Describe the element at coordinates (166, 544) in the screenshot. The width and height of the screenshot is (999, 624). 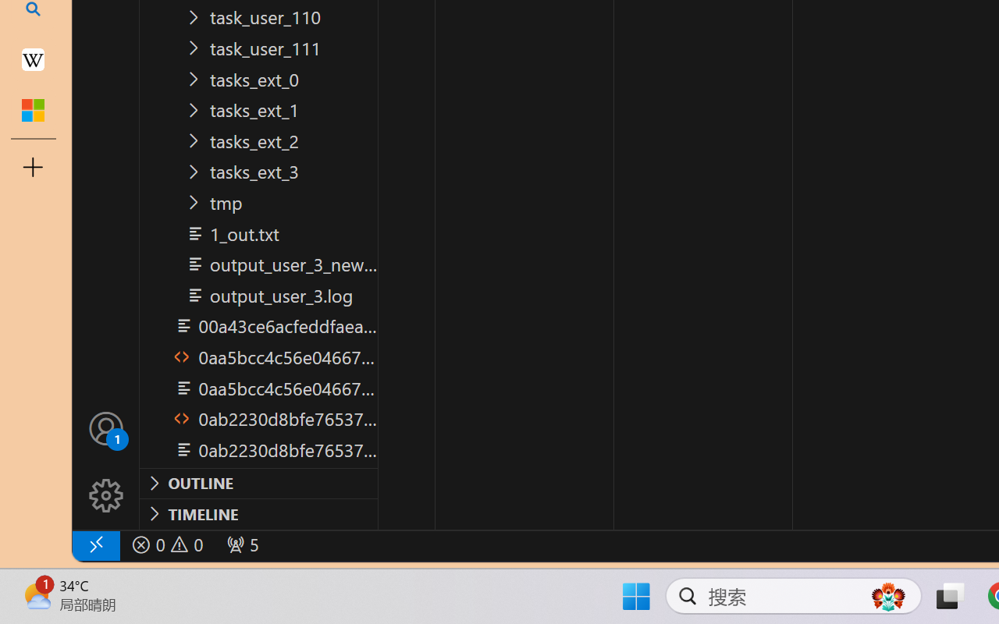
I see `'No Problems'` at that location.